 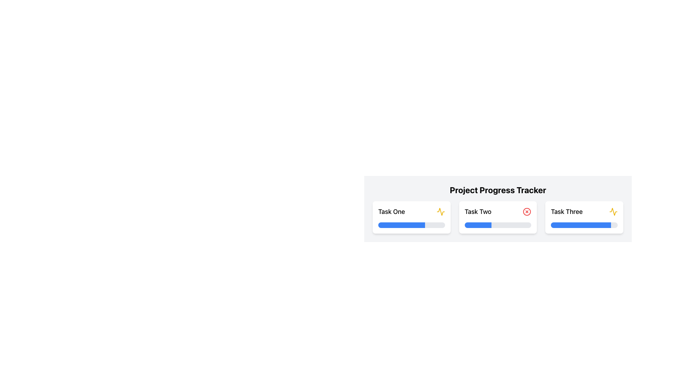 What do you see at coordinates (584, 217) in the screenshot?
I see `the card displaying the status and progress of 'Task Three', which is located in the third position in a horizontal grid of three cards` at bounding box center [584, 217].